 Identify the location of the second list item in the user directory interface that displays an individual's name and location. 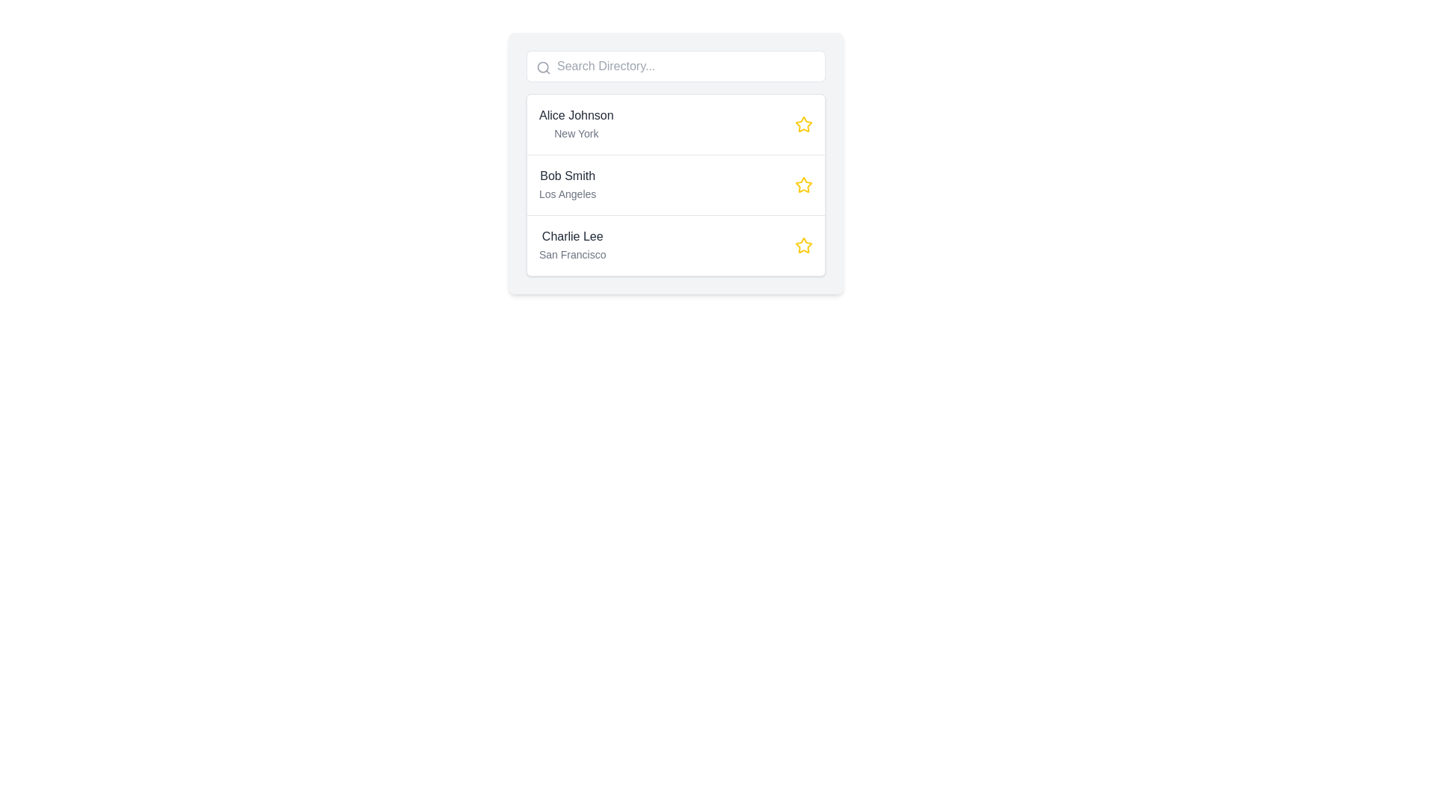
(675, 164).